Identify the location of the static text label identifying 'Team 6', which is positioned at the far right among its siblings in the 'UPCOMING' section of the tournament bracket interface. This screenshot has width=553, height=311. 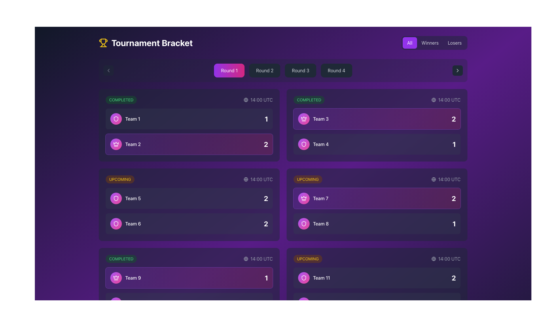
(133, 223).